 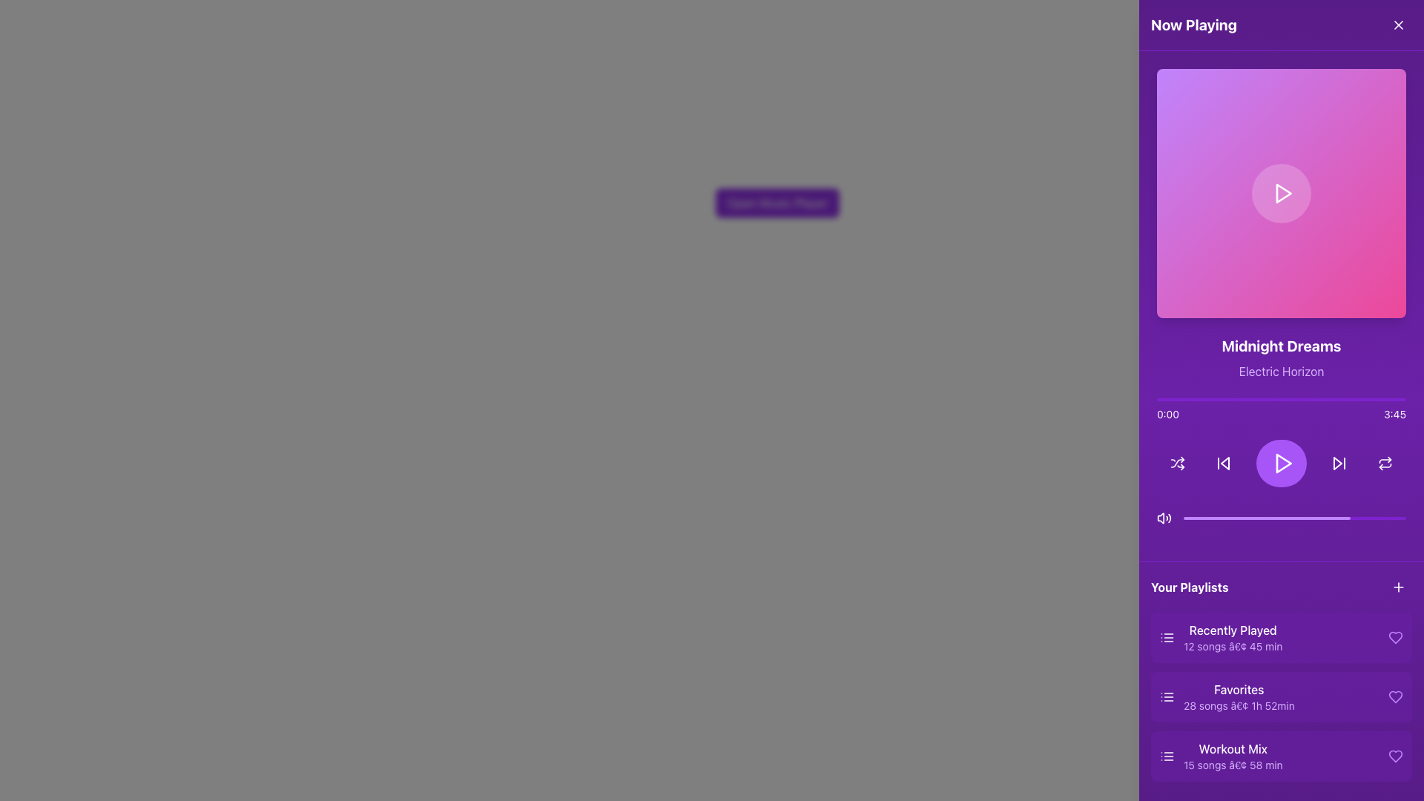 I want to click on the volume, so click(x=1388, y=517).